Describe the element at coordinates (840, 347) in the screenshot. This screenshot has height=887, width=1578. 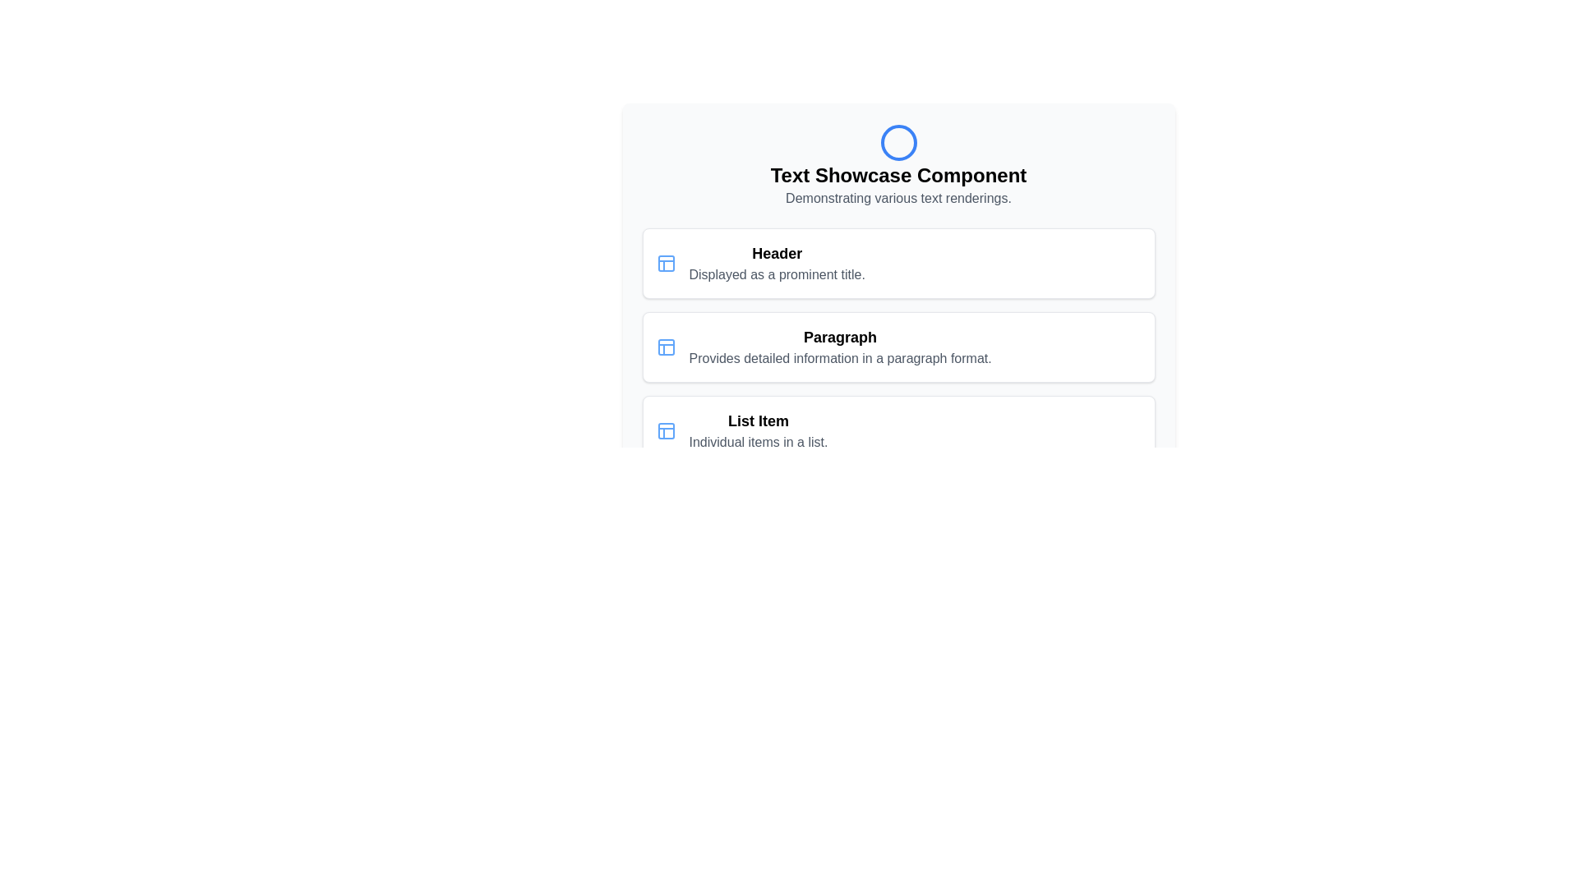
I see `the informational text block that describes a topic, positioned below the 'Header' and above the 'List Item'` at that location.